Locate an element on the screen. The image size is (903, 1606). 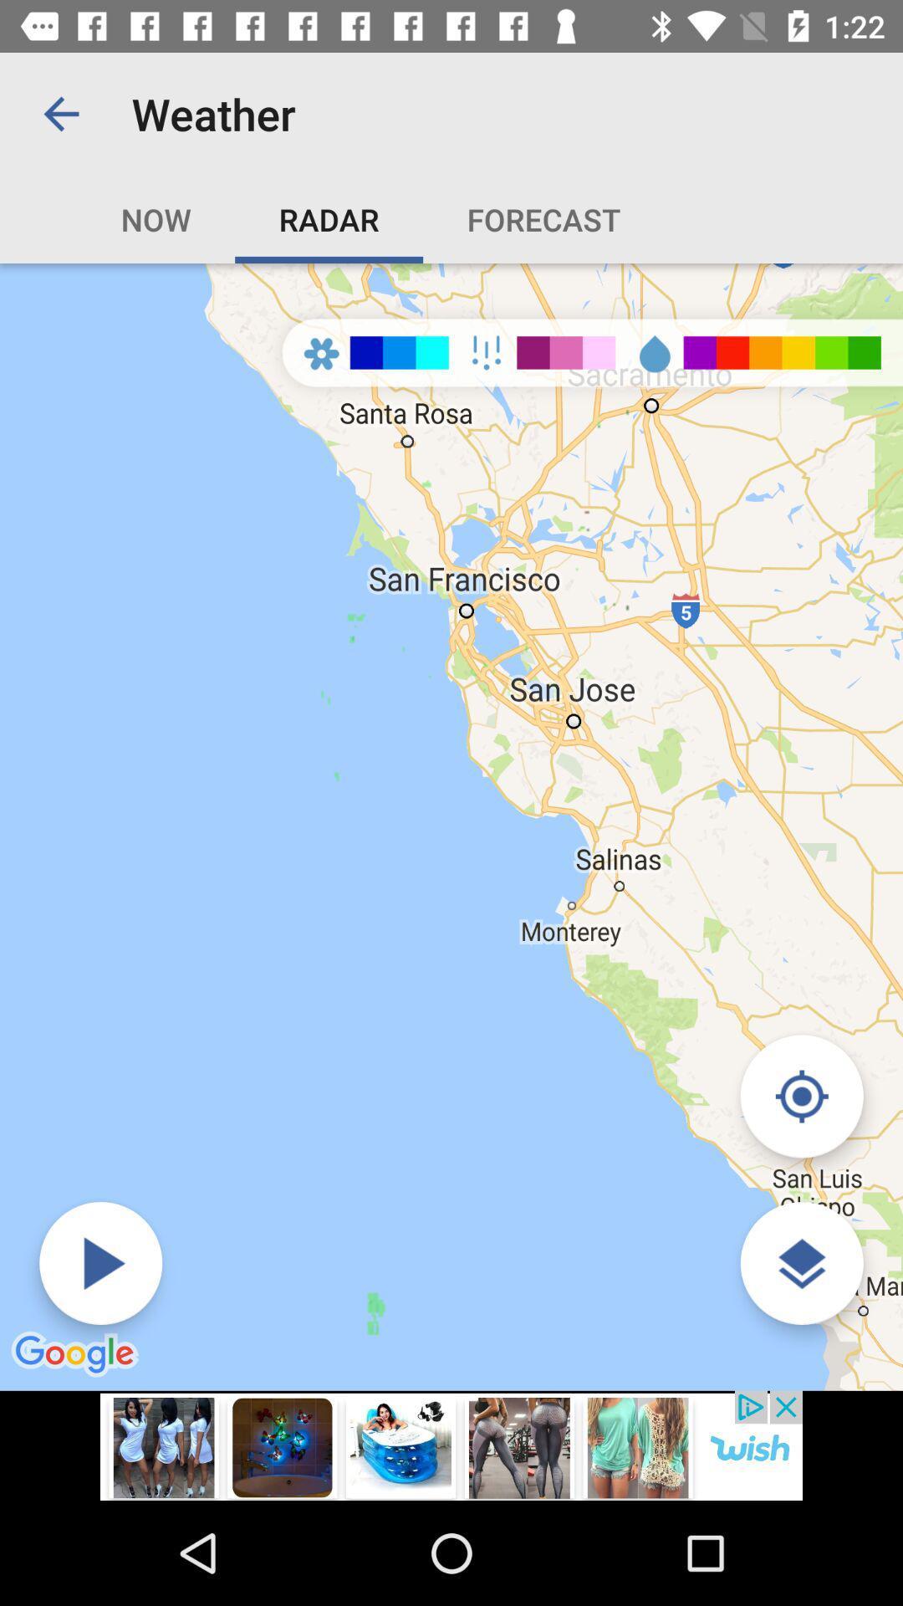
the icon which is at the bottom of the right corner is located at coordinates (801, 1263).